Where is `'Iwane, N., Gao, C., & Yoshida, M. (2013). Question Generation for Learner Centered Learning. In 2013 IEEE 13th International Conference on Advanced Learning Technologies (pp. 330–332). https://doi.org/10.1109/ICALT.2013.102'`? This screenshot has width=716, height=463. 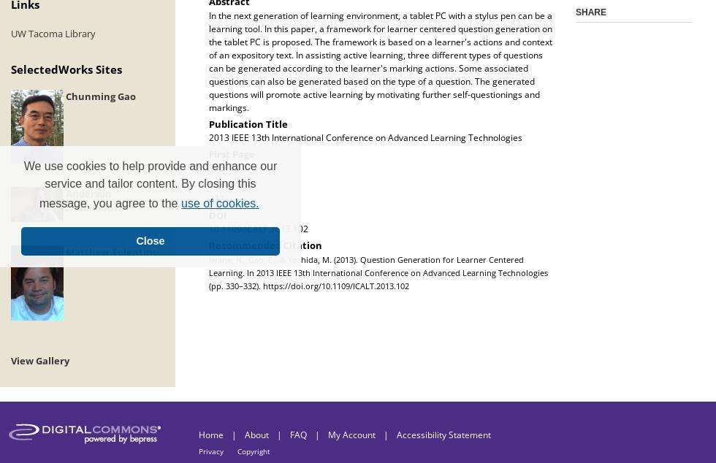
'Iwane, N., Gao, C., & Yoshida, M. (2013). Question Generation for Learner Centered Learning. In 2013 IEEE 13th International Conference on Advanced Learning Technologies (pp. 330–332). https://doi.org/10.1109/ICALT.2013.102' is located at coordinates (208, 272).